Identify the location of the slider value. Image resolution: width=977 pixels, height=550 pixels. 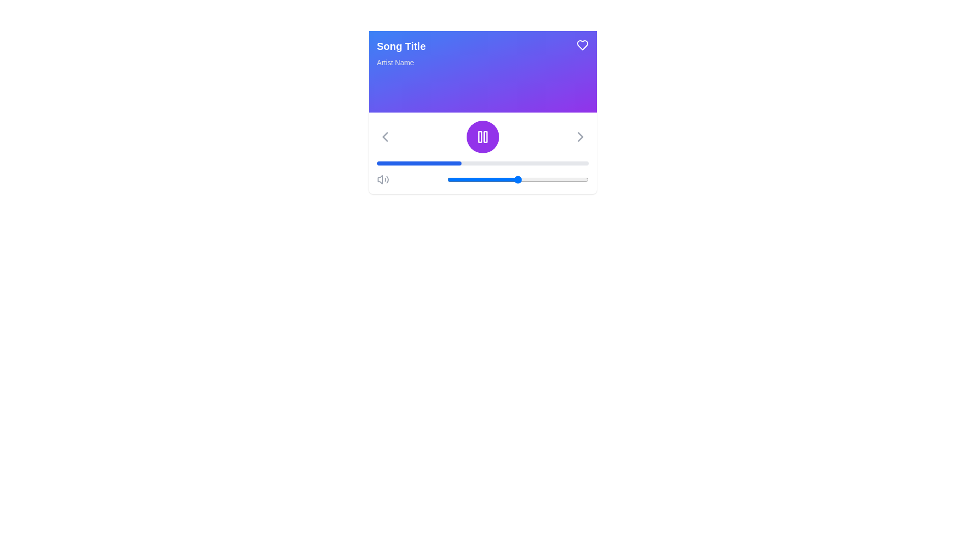
(495, 179).